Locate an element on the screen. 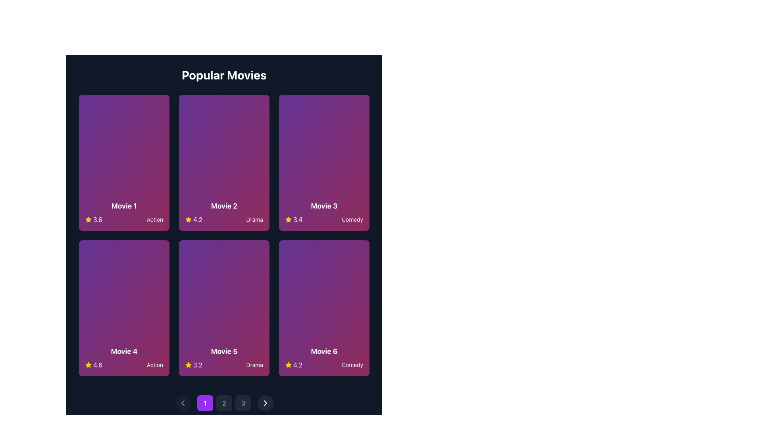  the Rating Icon for 'Movie 3' located in the top-right position of the 'Popular Movies' section, which visually indicates a rating of '3.4' is located at coordinates (288, 219).